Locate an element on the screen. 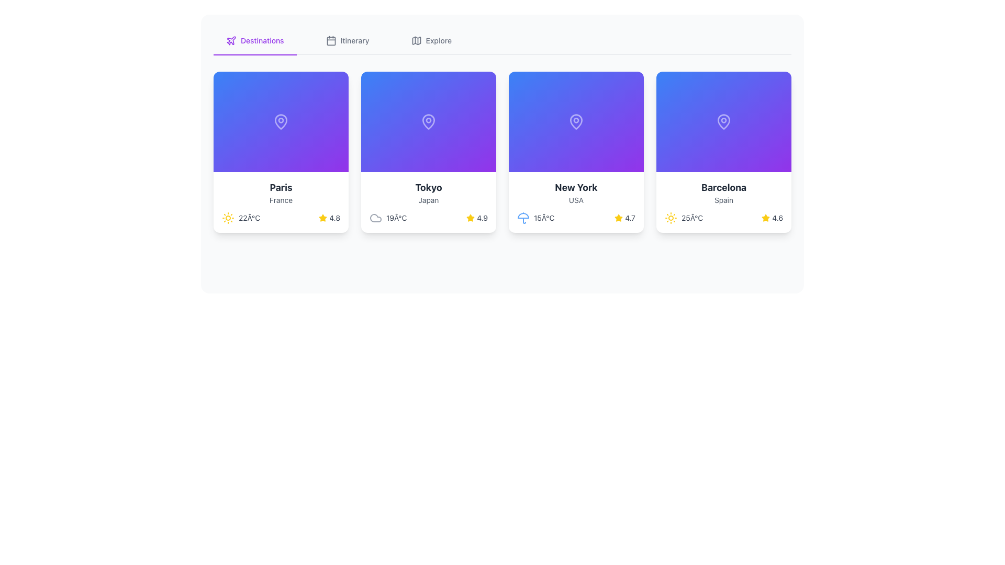  numerical rating text displayed as '4.7' in a small, gray font adjacent to the yellow star icon on the card for 'New York' is located at coordinates (630, 217).